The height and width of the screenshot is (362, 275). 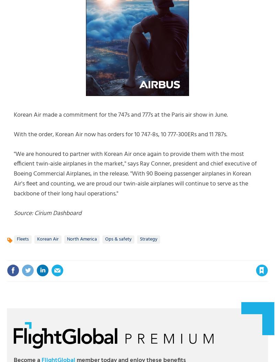 I want to click on 'Source: Cirium Dashboard', so click(x=47, y=213).